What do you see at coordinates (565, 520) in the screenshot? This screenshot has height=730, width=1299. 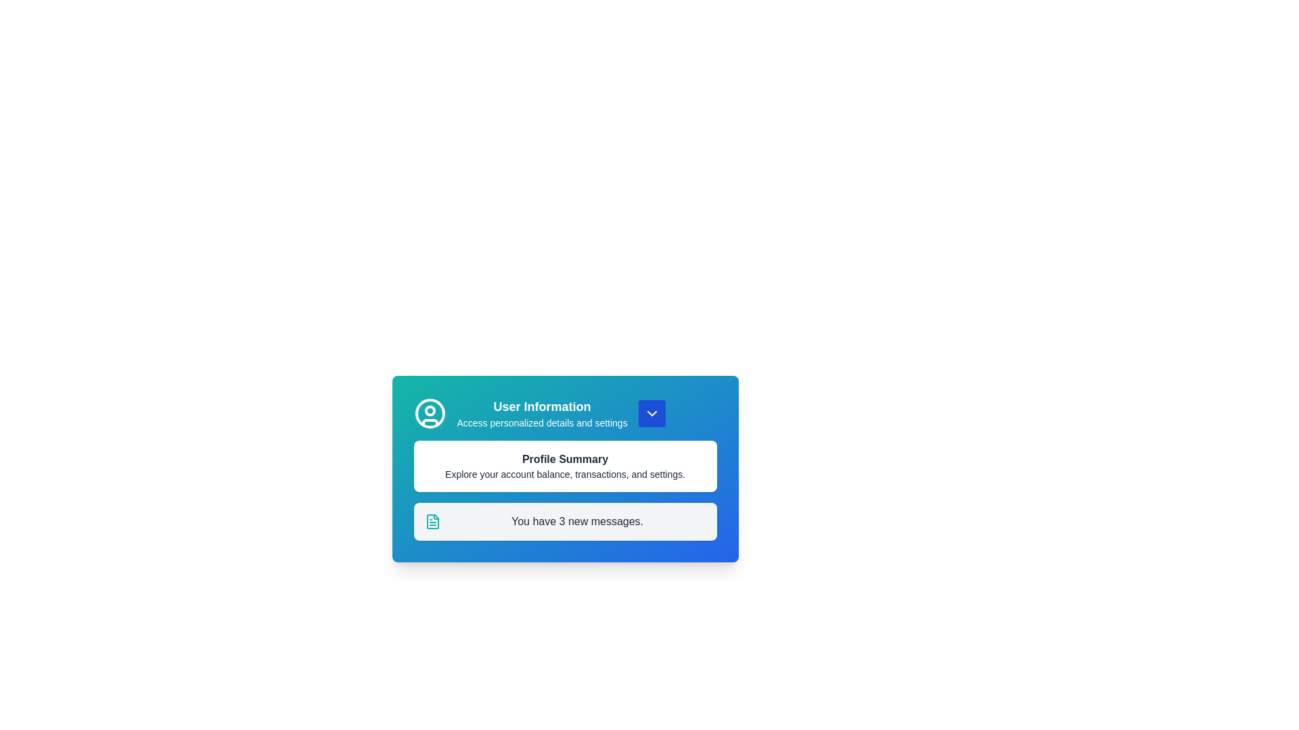 I see `the Notification box that displays 'You have 3 new messages.' located below 'Profile Summary'` at bounding box center [565, 520].